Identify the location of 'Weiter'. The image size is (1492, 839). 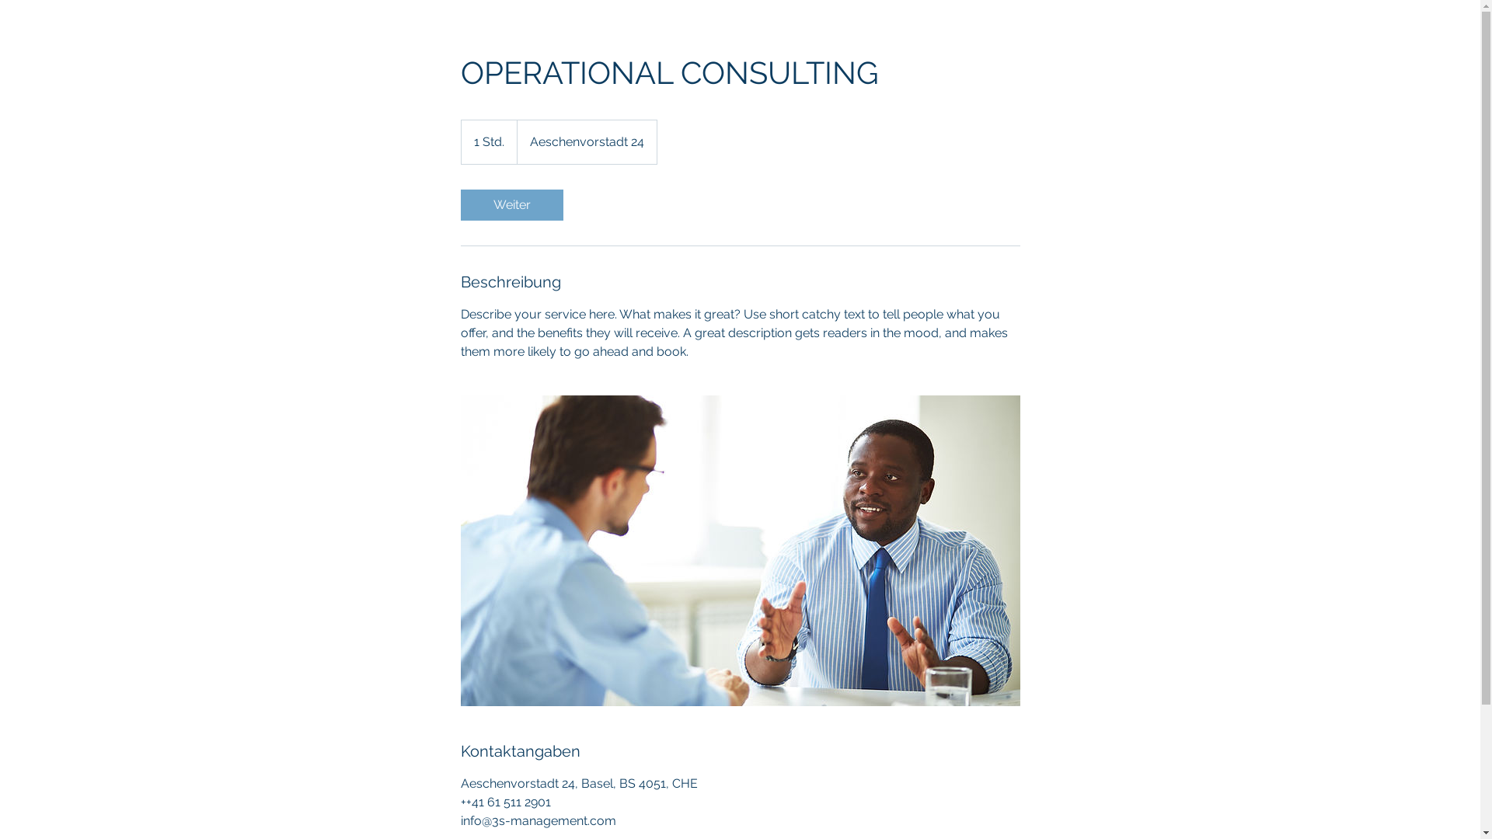
(511, 204).